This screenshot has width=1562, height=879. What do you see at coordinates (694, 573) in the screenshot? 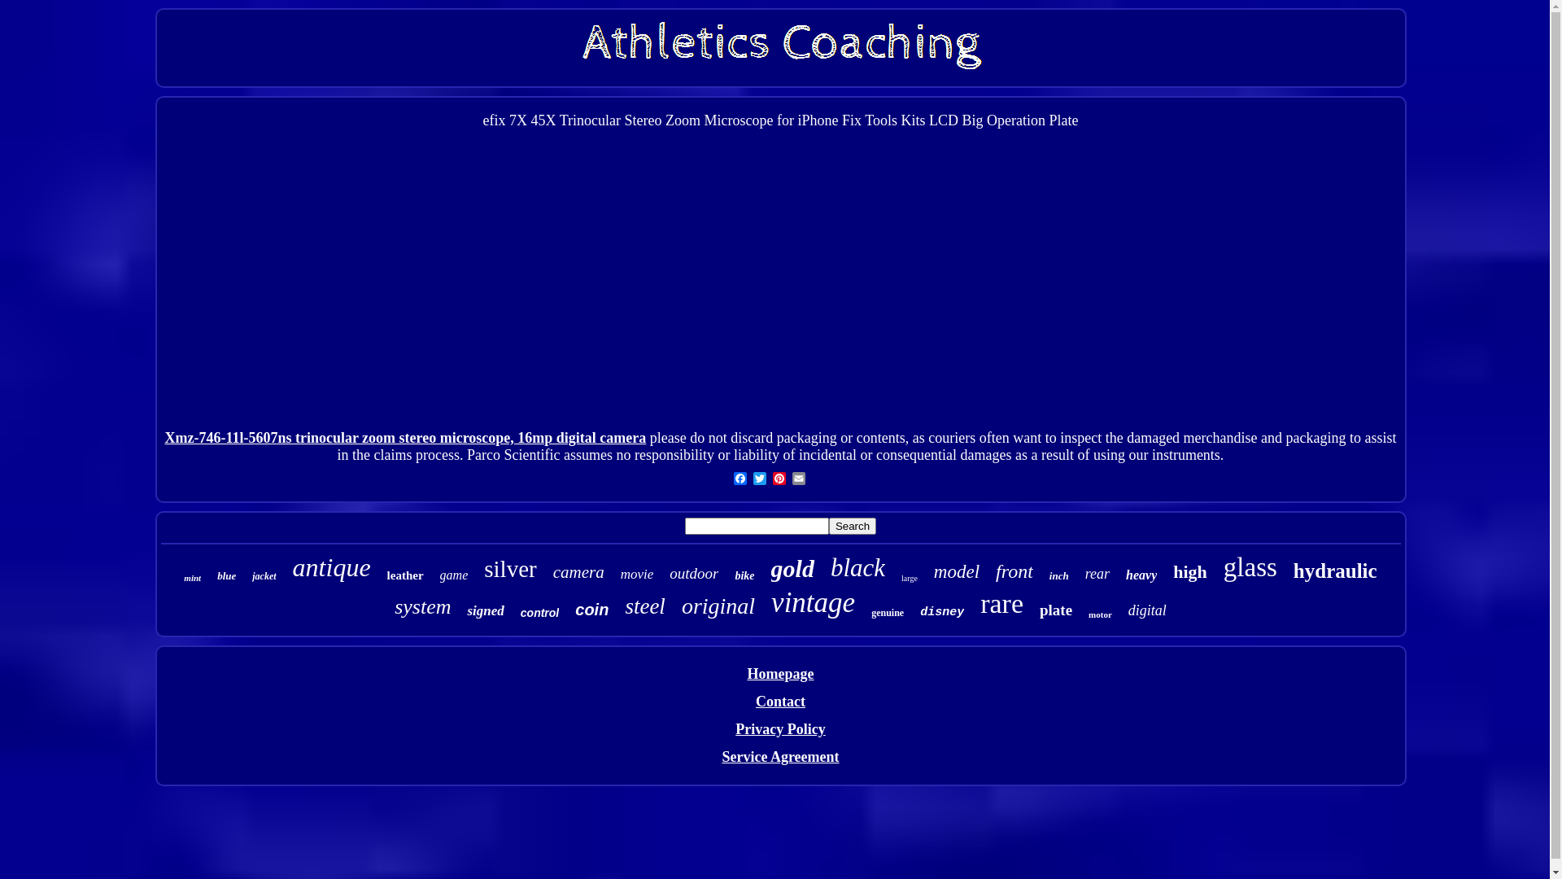
I see `'outdoor'` at bounding box center [694, 573].